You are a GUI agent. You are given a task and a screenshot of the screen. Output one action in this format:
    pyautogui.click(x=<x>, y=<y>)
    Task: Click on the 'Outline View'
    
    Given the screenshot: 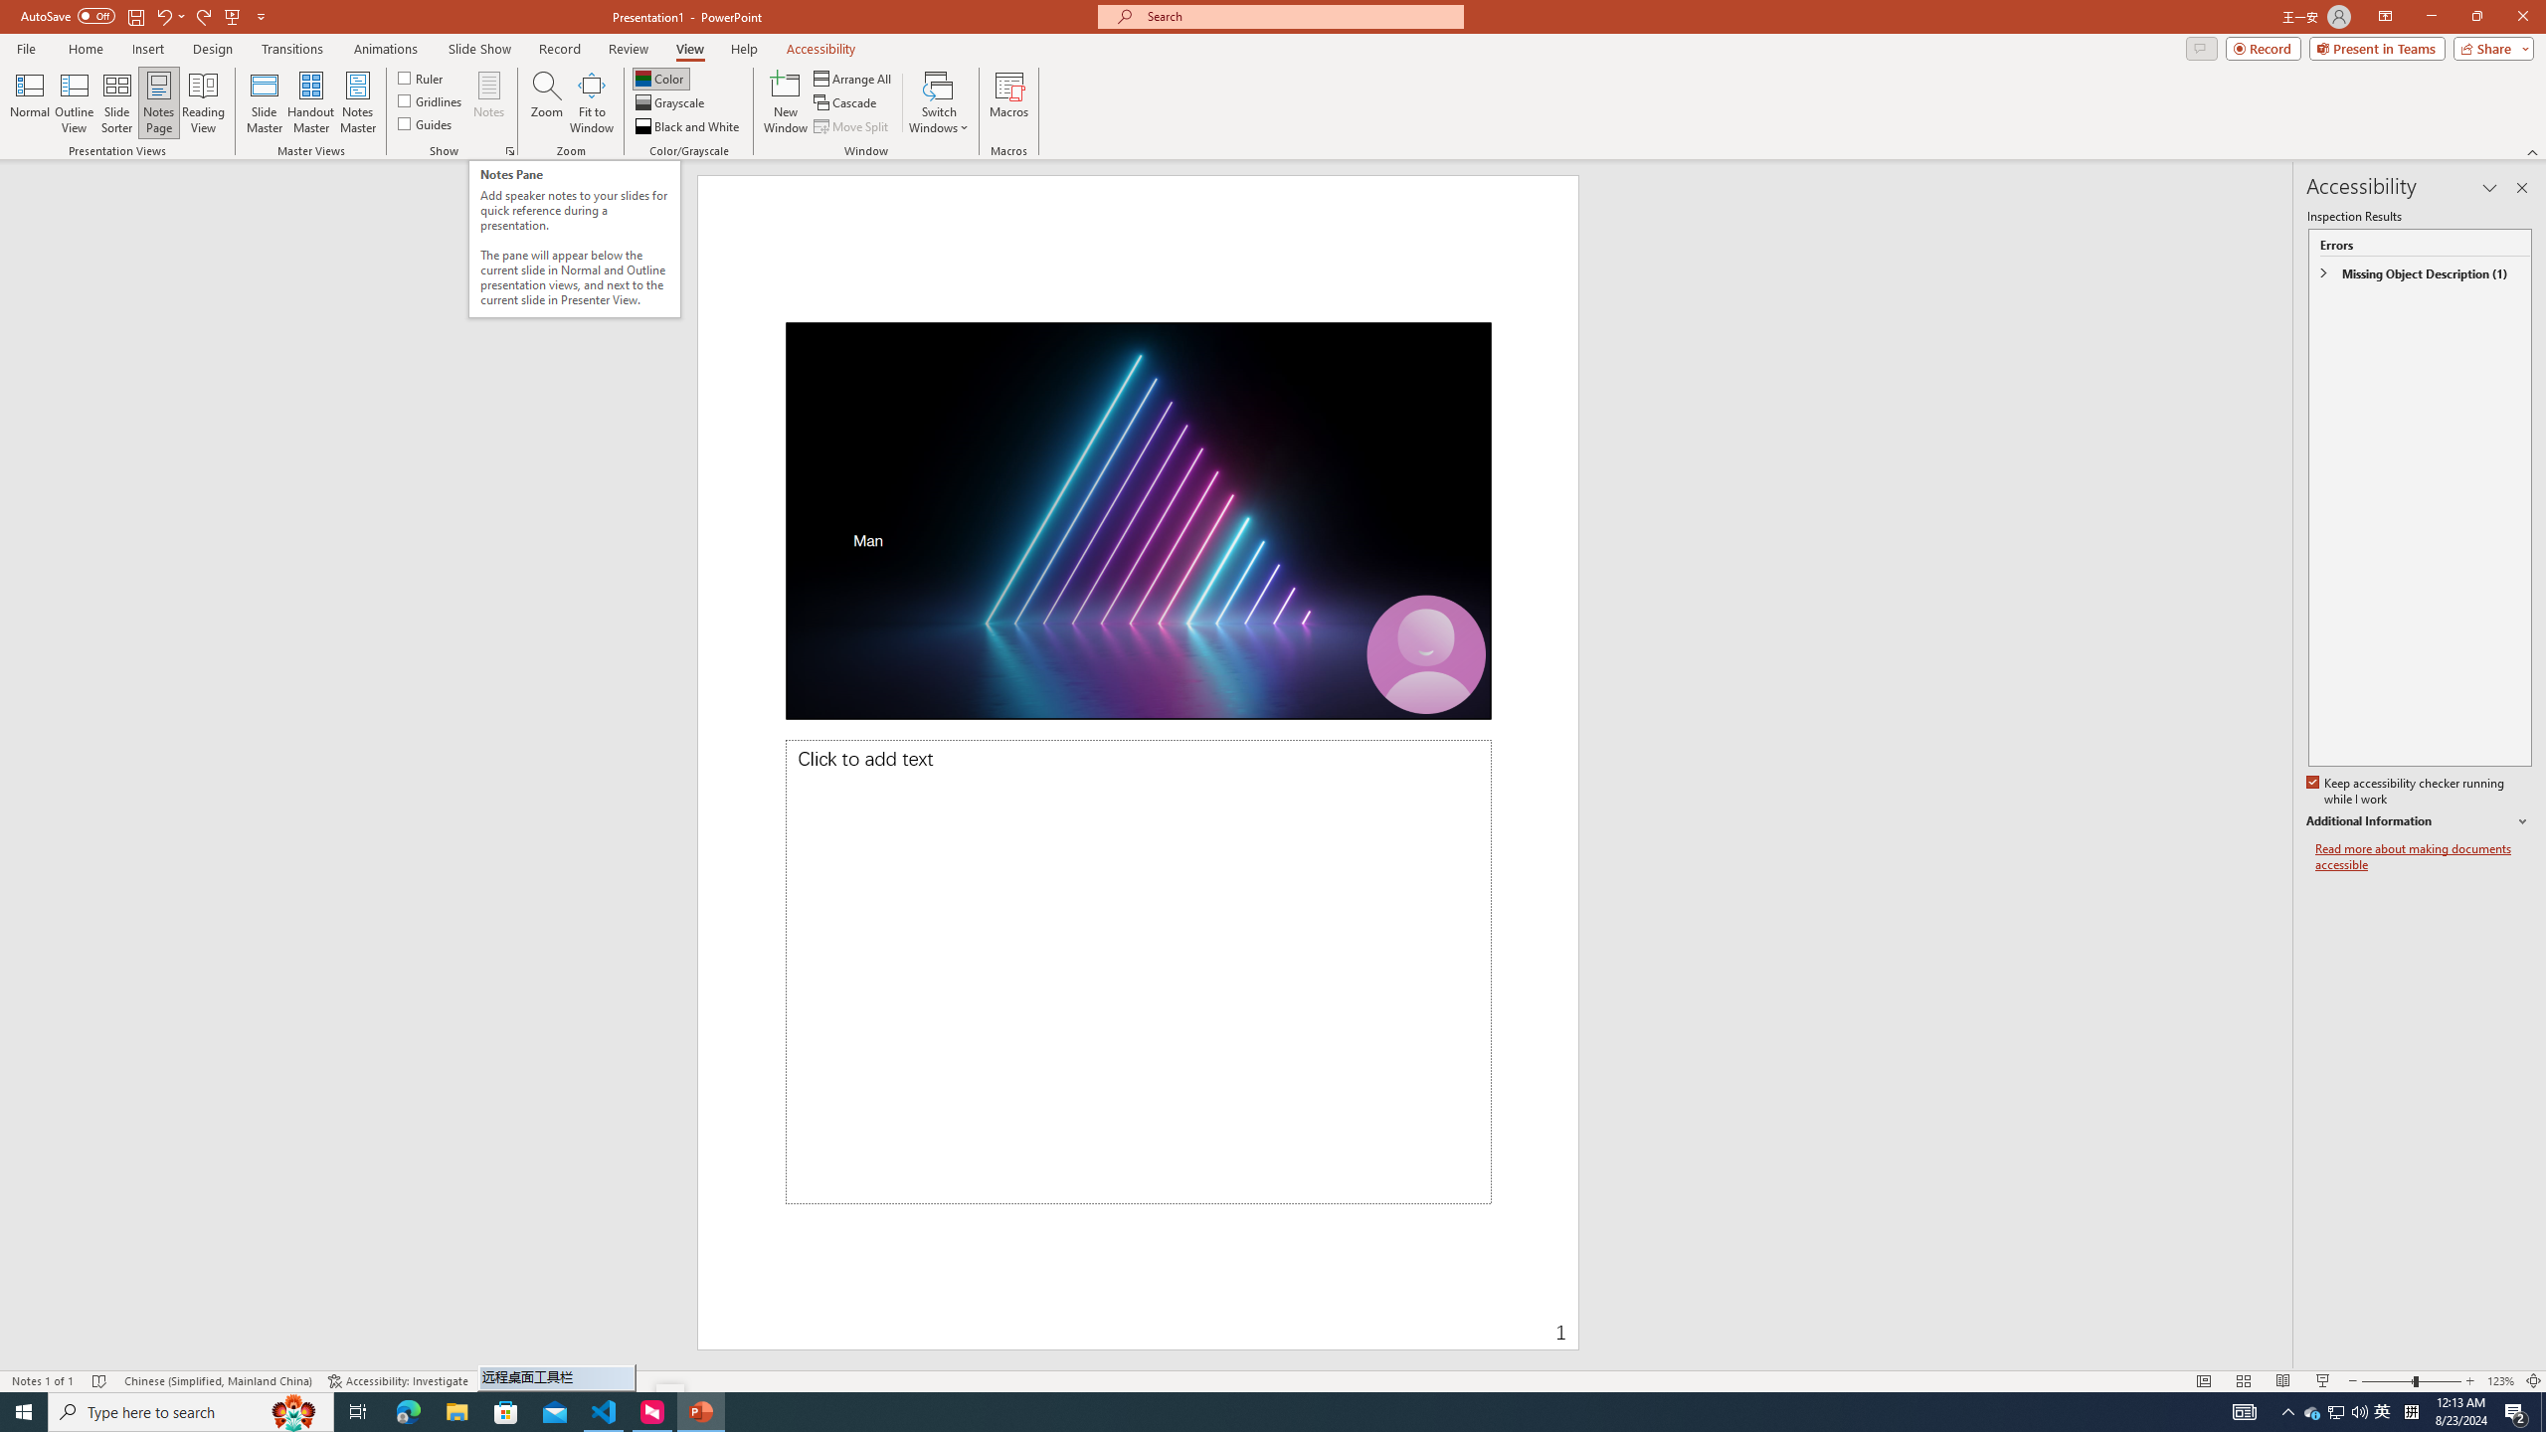 What is the action you would take?
    pyautogui.click(x=74, y=102)
    